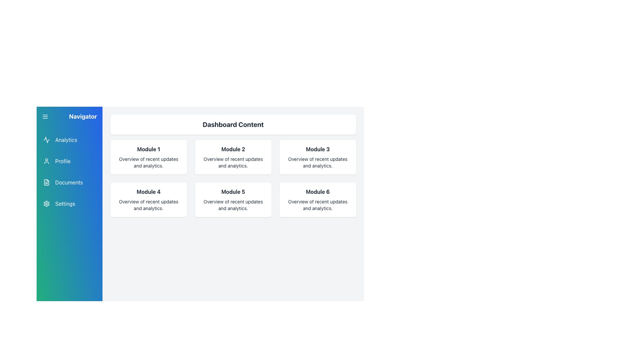  Describe the element at coordinates (148, 192) in the screenshot. I see `the text element indicating 'Module 4', which serves as the header for the card in the top-left position of the second row in the grid` at that location.